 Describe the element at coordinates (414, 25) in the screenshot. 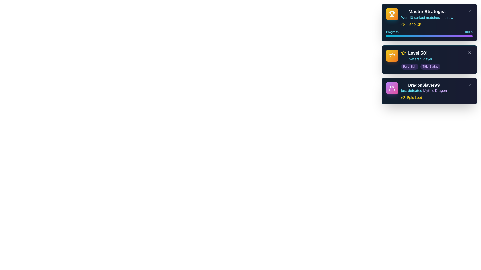

I see `displayed information indicating a reward of 500 experience points (XP) for the 'Master Strategist' achievement, located in the topmost notification card near the text 'Master Strategist' and to the right of the yellow lightning bolt icon` at that location.